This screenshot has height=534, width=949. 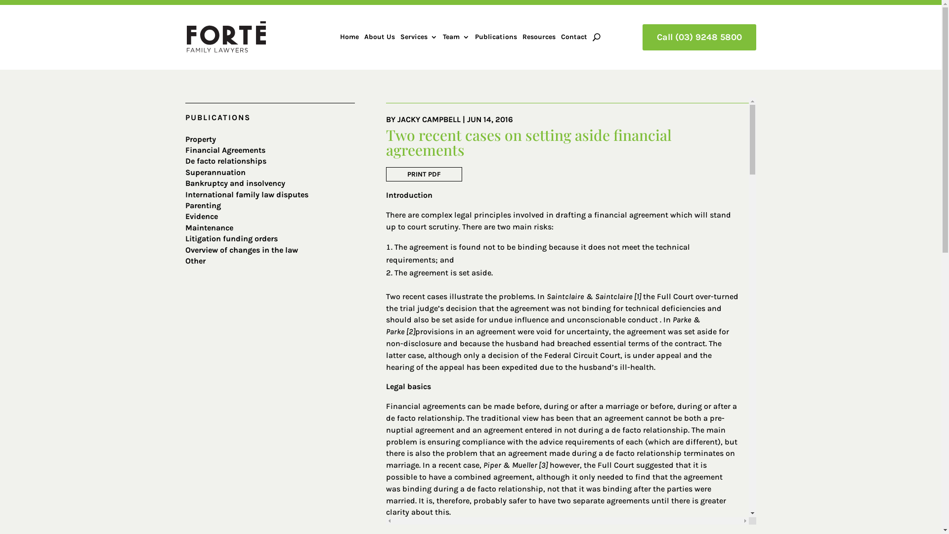 What do you see at coordinates (200, 139) in the screenshot?
I see `'Property'` at bounding box center [200, 139].